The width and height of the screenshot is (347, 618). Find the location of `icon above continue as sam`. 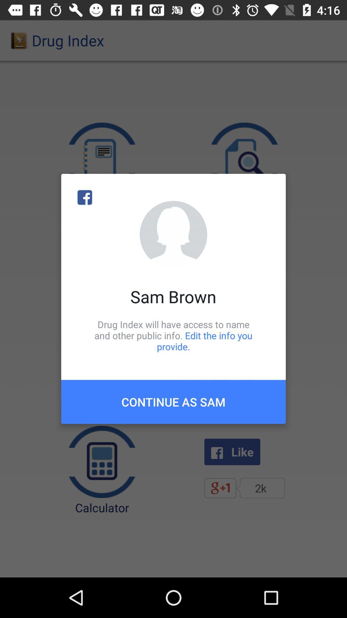

icon above continue as sam is located at coordinates (173, 335).